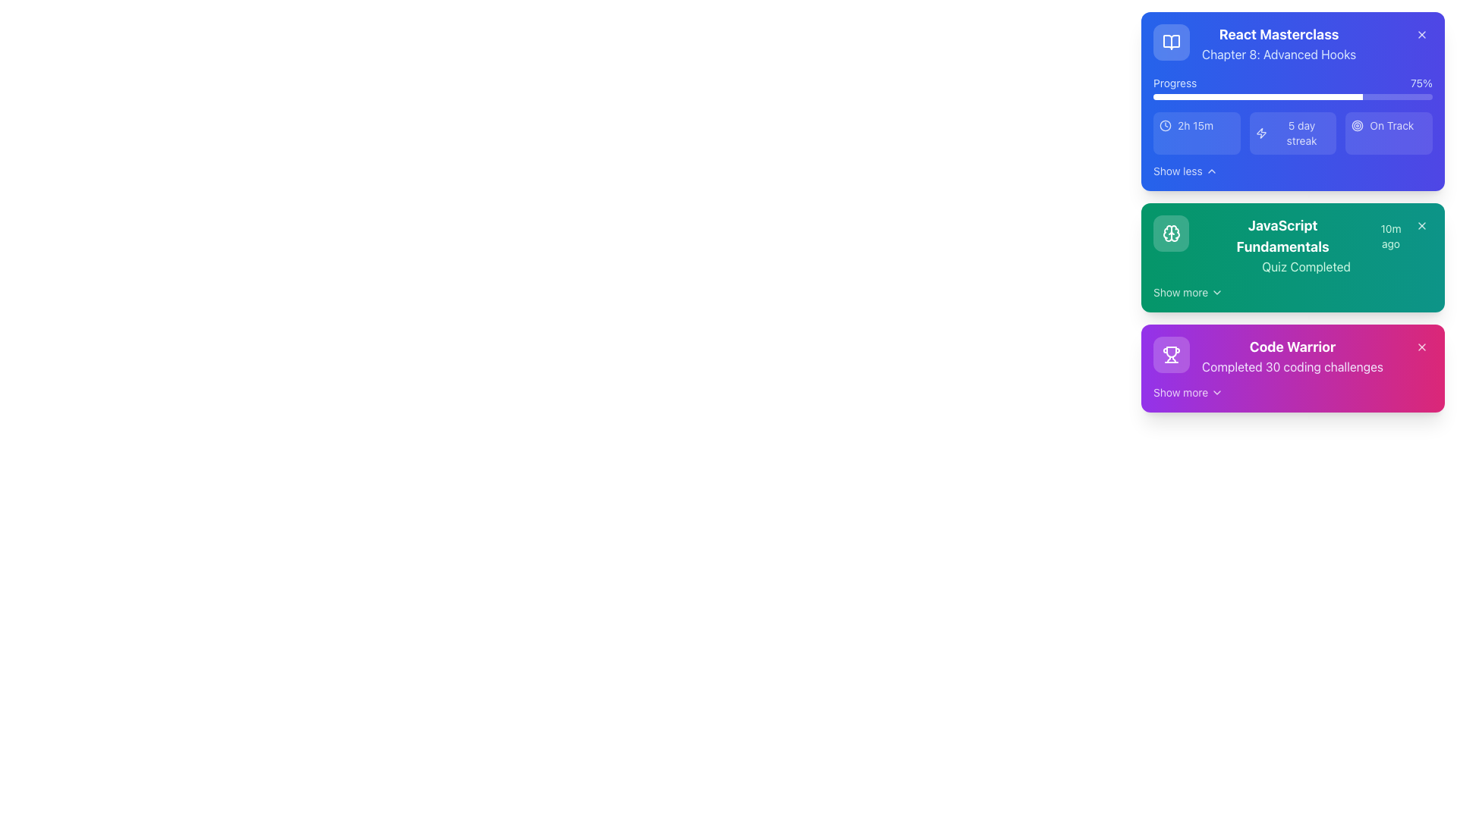 The height and width of the screenshot is (819, 1457). Describe the element at coordinates (1238, 96) in the screenshot. I see `the progress` at that location.